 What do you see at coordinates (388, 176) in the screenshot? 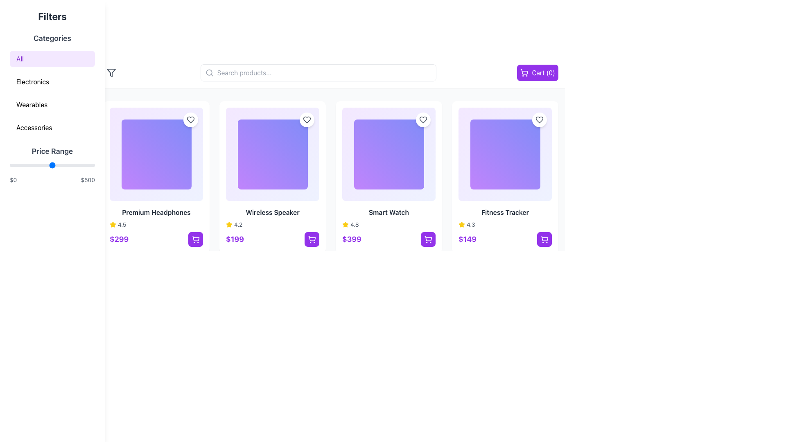
I see `the third Product card element displaying 'Smart Watch' with a purple price of '$399' located in a four-column grid layout` at bounding box center [388, 176].